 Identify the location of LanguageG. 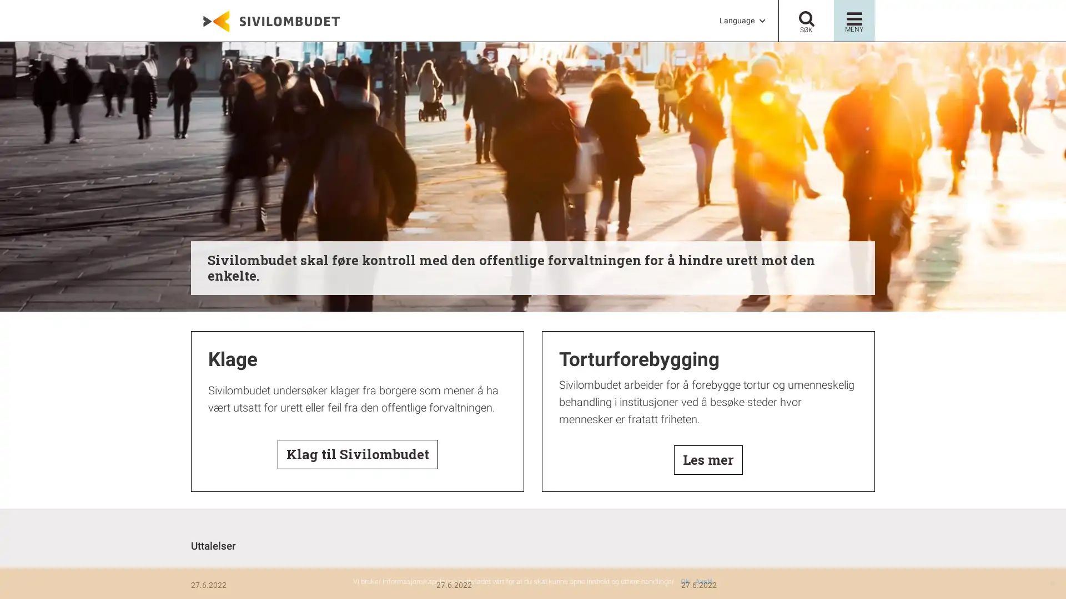
(727, 21).